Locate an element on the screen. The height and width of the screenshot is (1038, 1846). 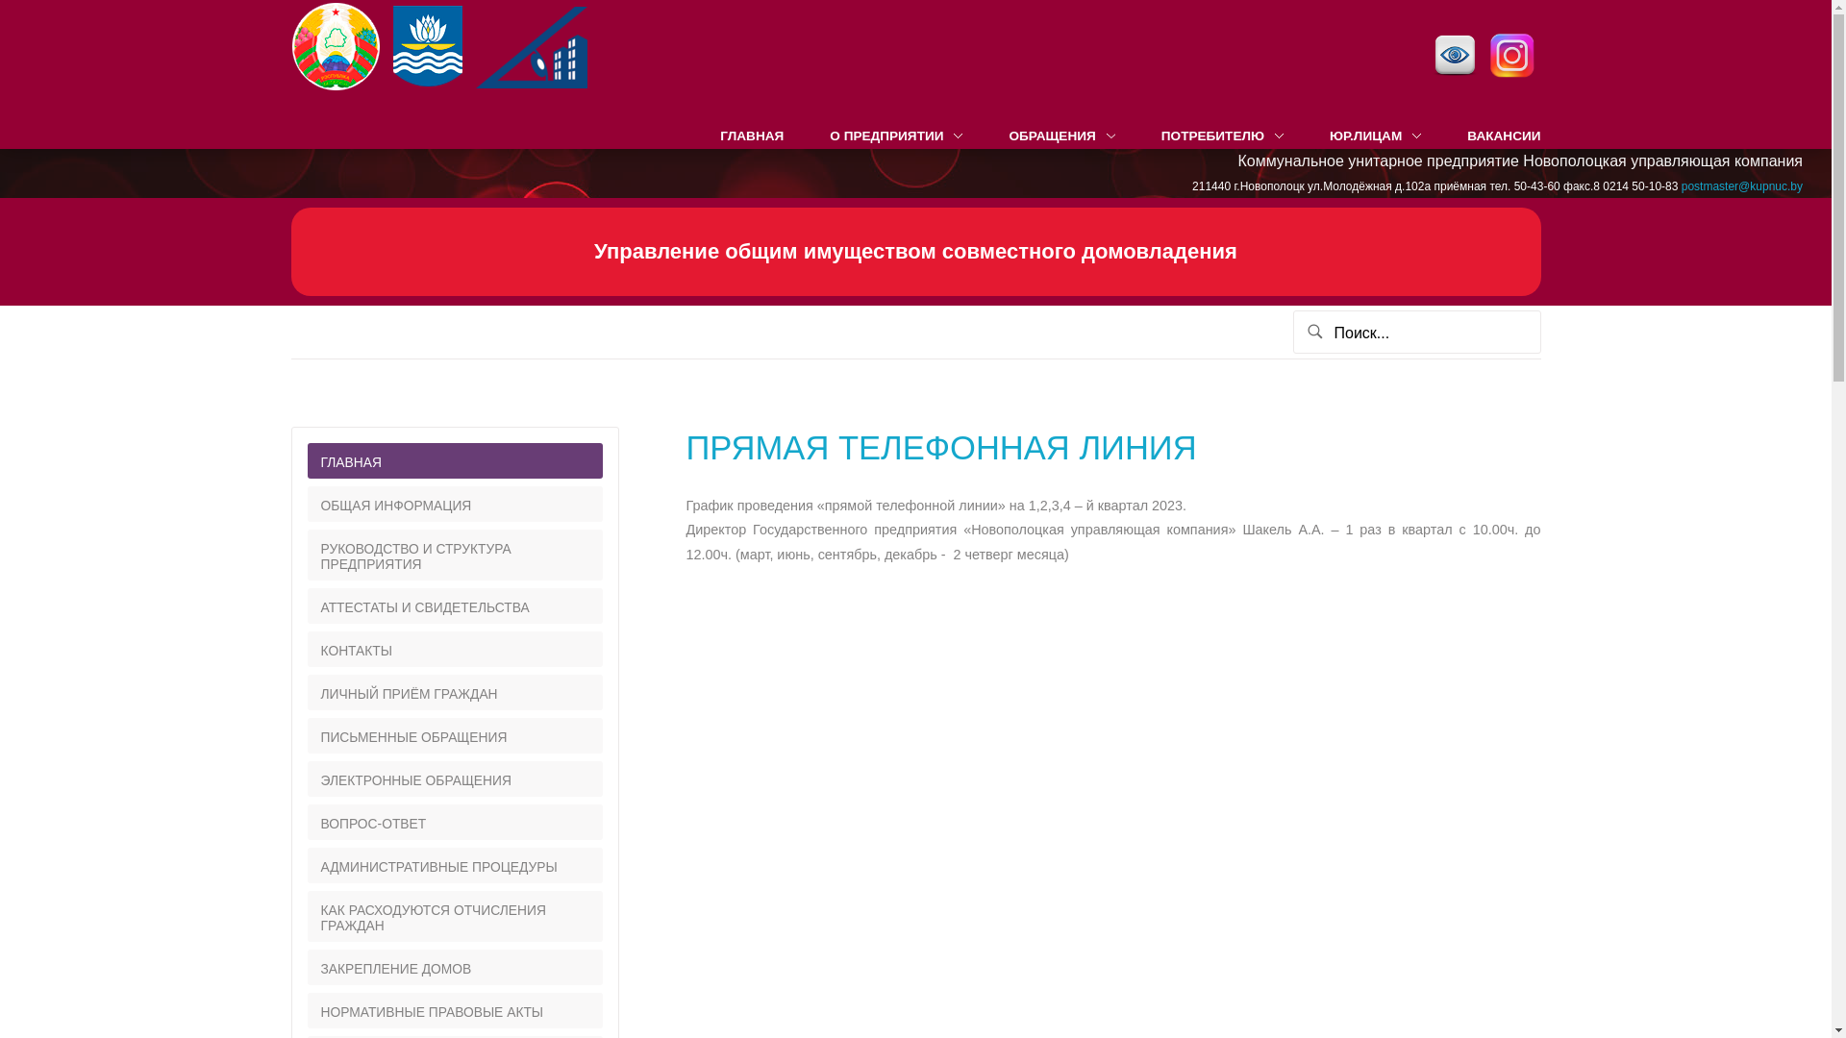
'postmaster@kupnuc.by' is located at coordinates (1680, 185).